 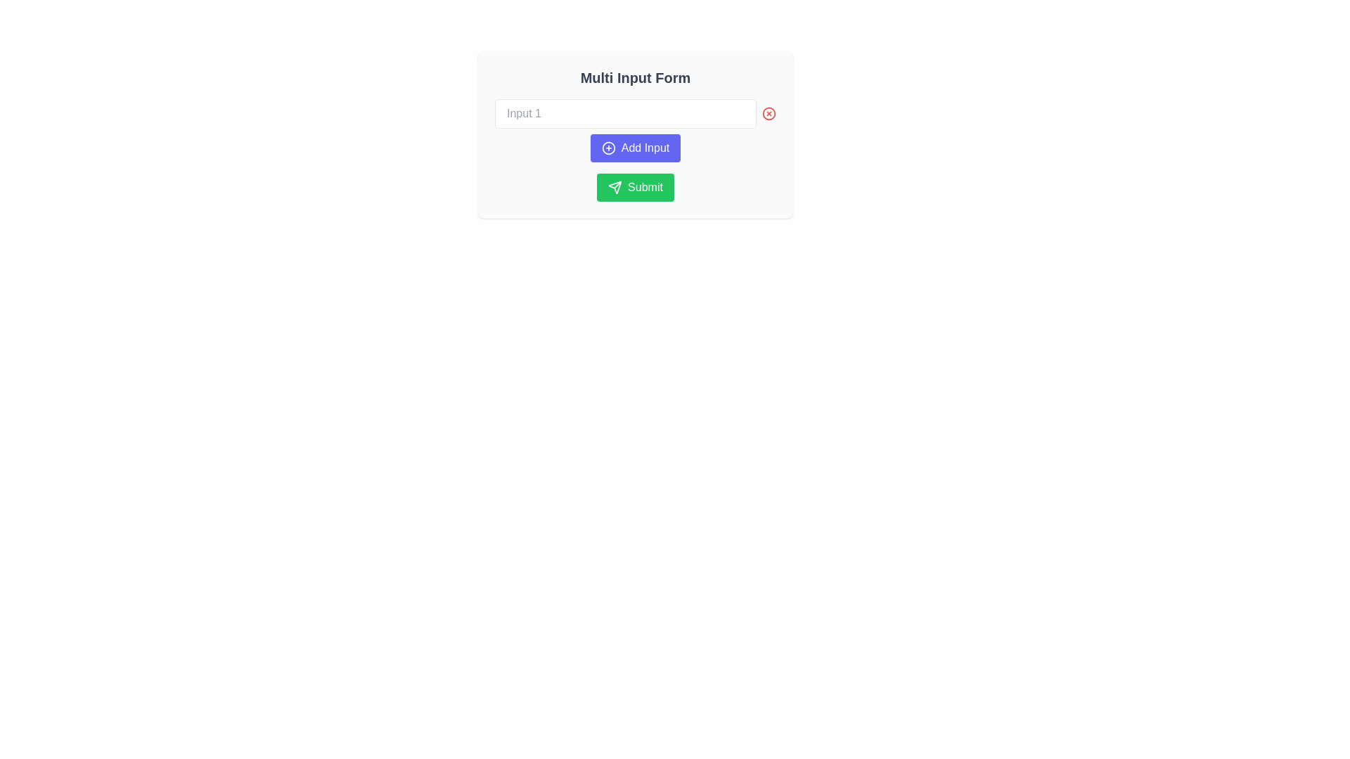 I want to click on the blue 'Add Input' button located in the center of the form, below the 'Input 1' field, so click(x=634, y=148).